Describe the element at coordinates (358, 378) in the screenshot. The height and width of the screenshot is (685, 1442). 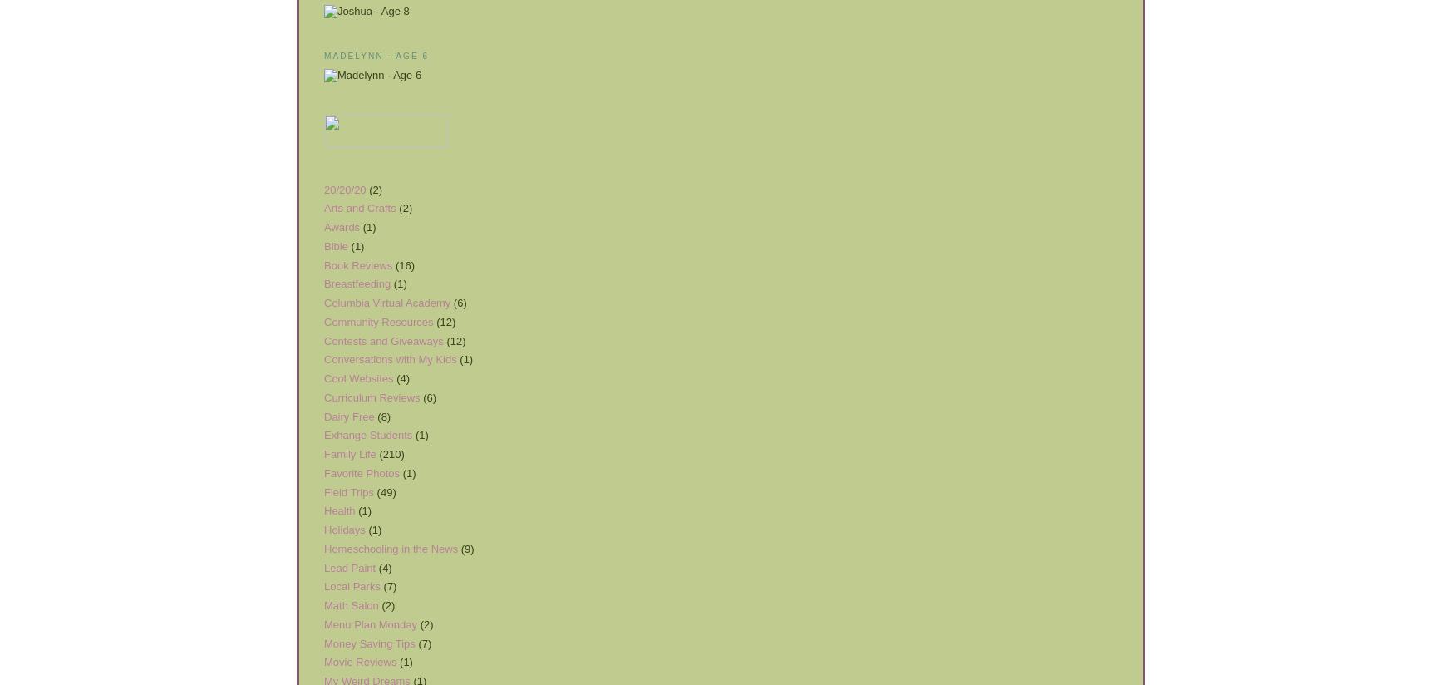
I see `'Cool Websites'` at that location.